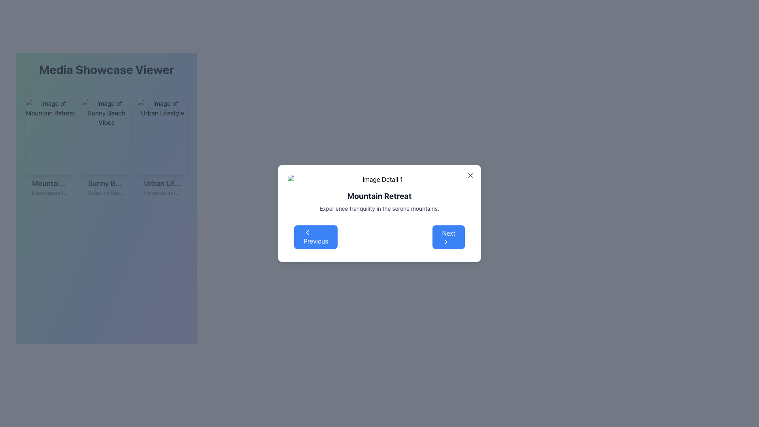 The width and height of the screenshot is (759, 427). Describe the element at coordinates (307, 232) in the screenshot. I see `the graphical indicator icon inside the 'Previous' button that suggests navigation towards previous content` at that location.